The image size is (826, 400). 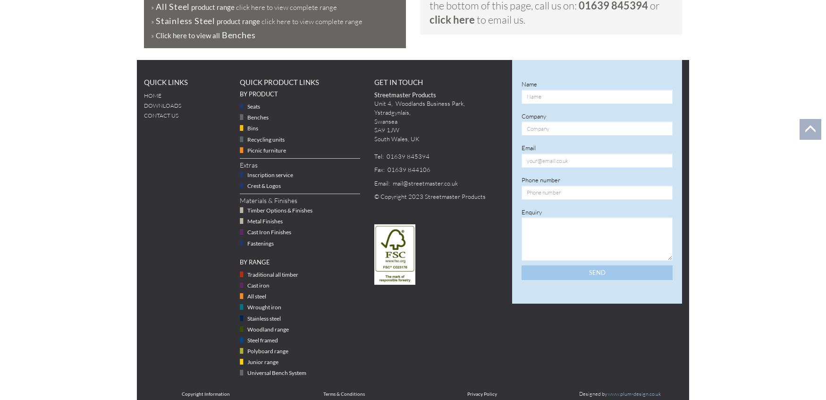 What do you see at coordinates (246, 274) in the screenshot?
I see `'Traditional all timber'` at bounding box center [246, 274].